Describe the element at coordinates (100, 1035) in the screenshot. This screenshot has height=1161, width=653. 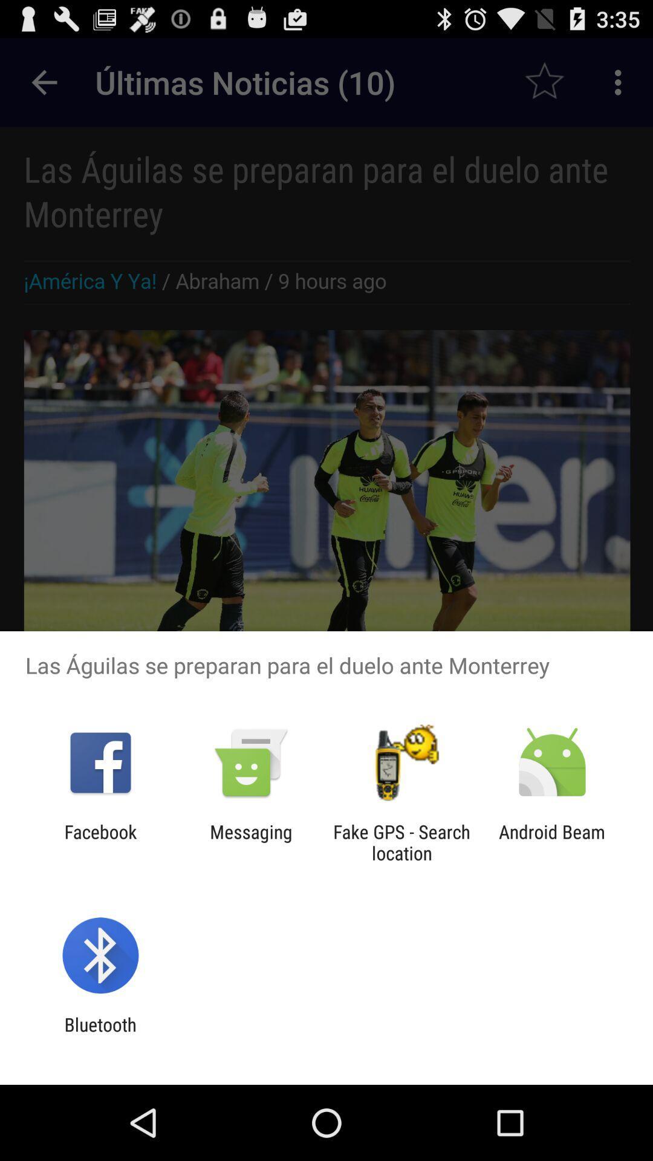
I see `bluetooth item` at that location.